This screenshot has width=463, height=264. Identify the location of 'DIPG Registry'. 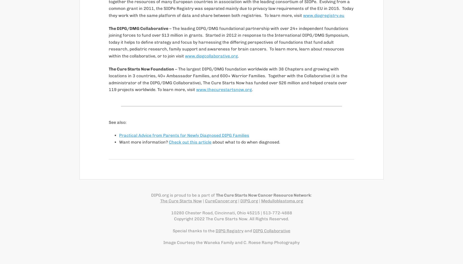
(229, 230).